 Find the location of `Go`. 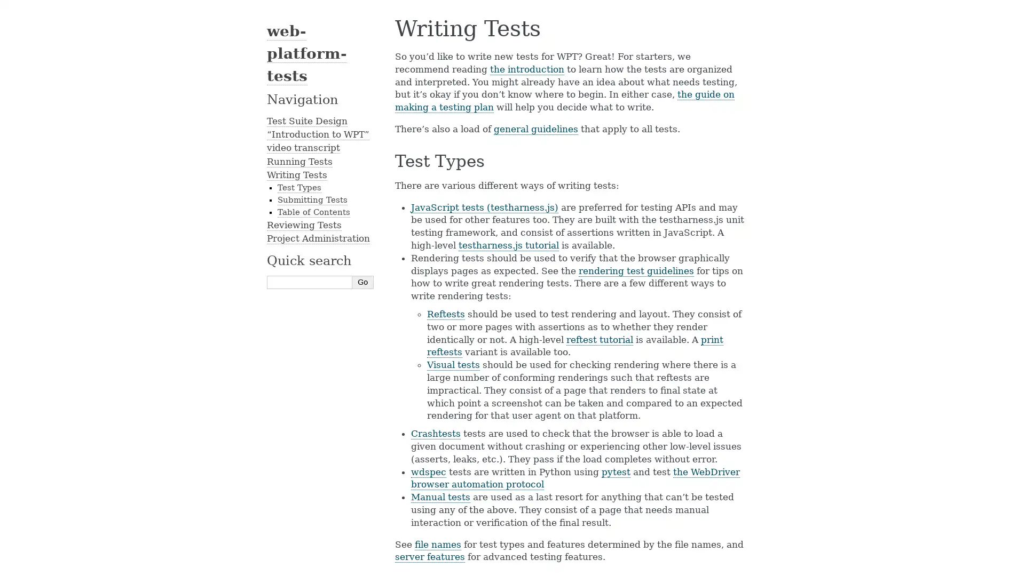

Go is located at coordinates (363, 281).